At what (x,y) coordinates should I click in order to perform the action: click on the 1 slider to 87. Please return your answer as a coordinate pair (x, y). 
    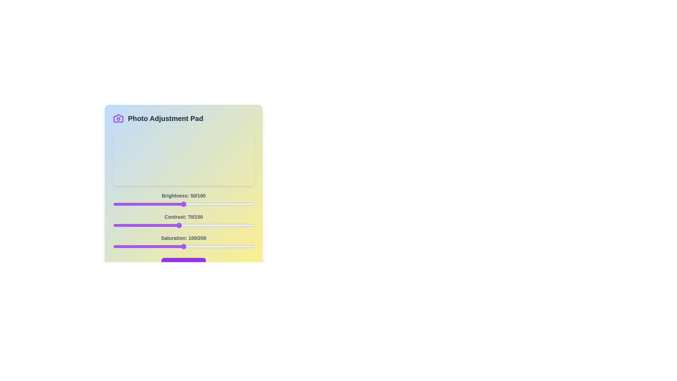
    Looking at the image, I should click on (195, 225).